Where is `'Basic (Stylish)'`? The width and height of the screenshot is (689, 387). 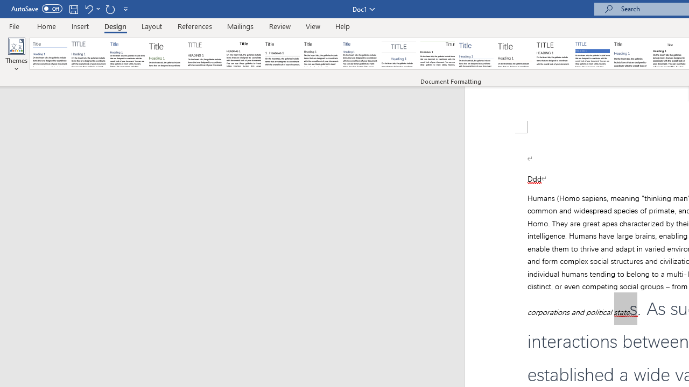
'Basic (Stylish)' is located at coordinates (166, 54).